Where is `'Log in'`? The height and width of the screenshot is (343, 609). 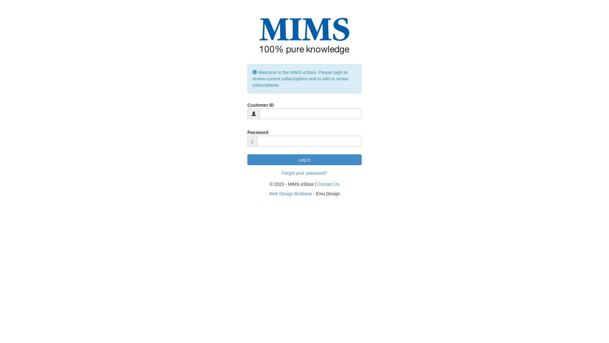 'Log in' is located at coordinates (304, 159).